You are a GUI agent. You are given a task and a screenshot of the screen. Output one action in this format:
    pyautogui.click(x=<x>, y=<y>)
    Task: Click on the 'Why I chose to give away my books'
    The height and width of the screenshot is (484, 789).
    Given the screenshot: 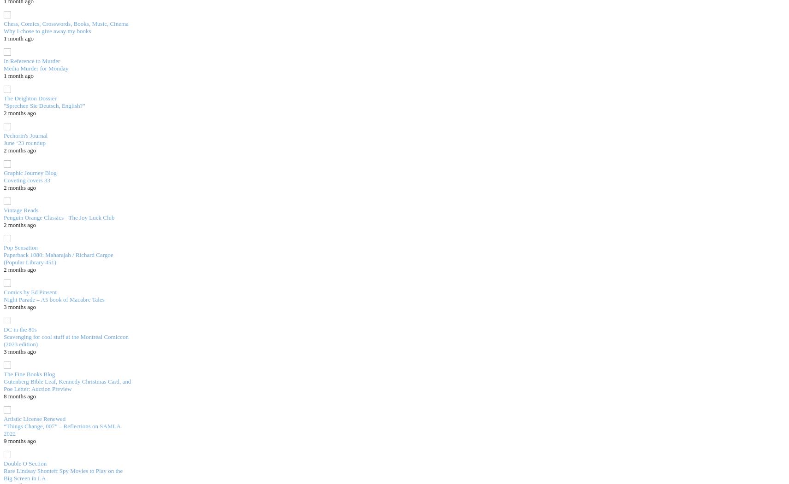 What is the action you would take?
    pyautogui.click(x=3, y=30)
    